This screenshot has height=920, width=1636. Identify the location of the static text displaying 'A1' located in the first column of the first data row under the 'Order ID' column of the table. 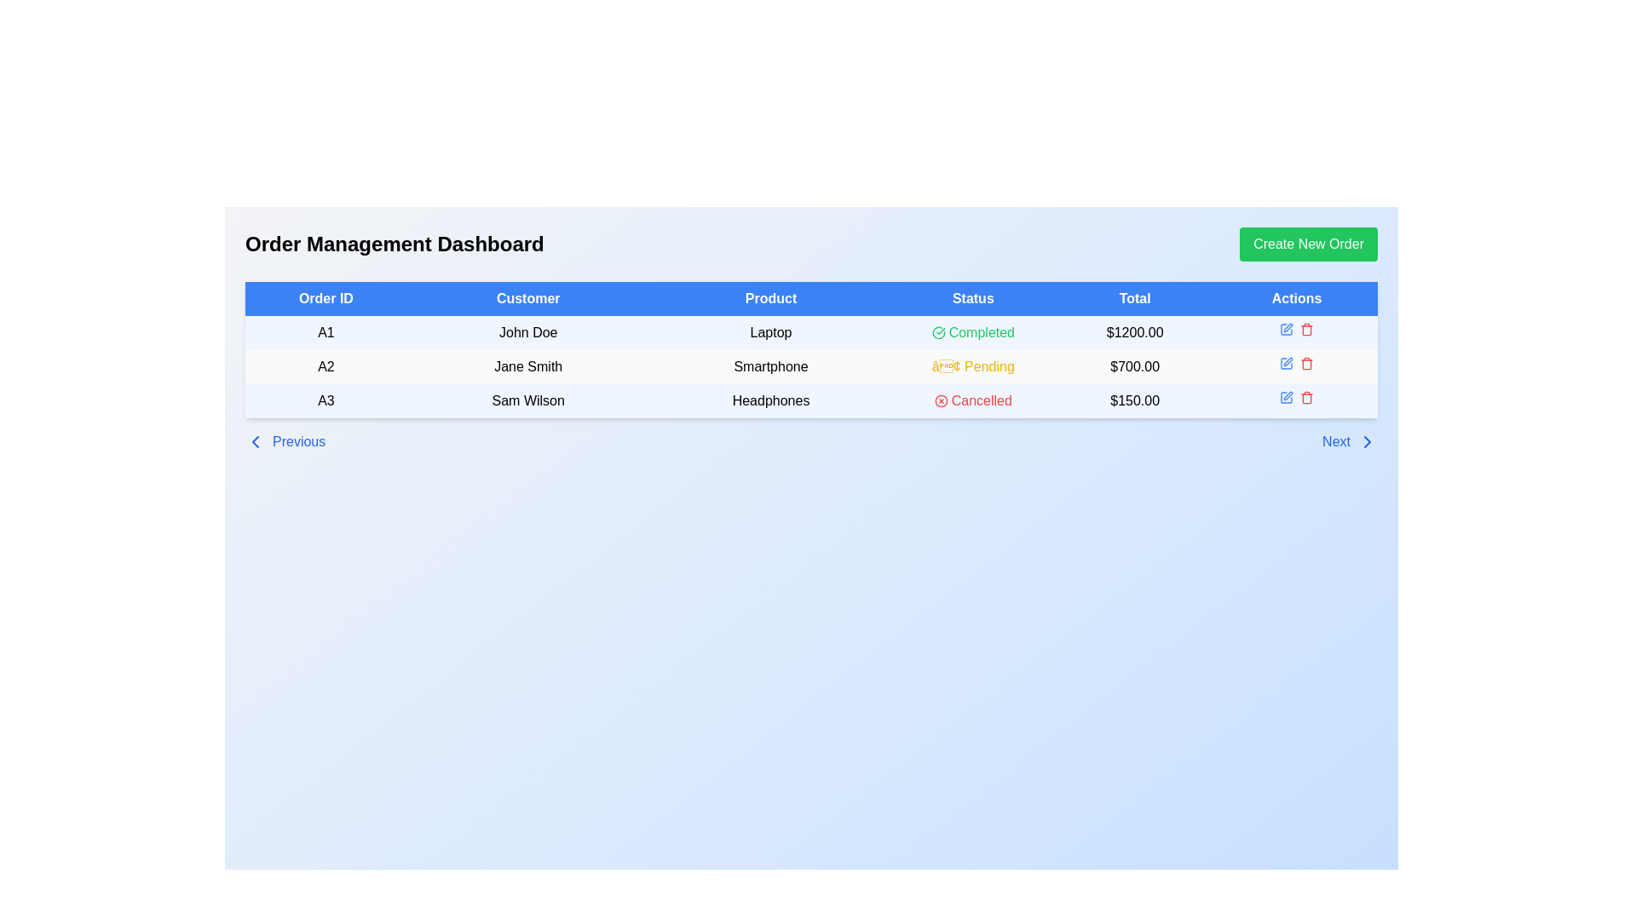
(325, 332).